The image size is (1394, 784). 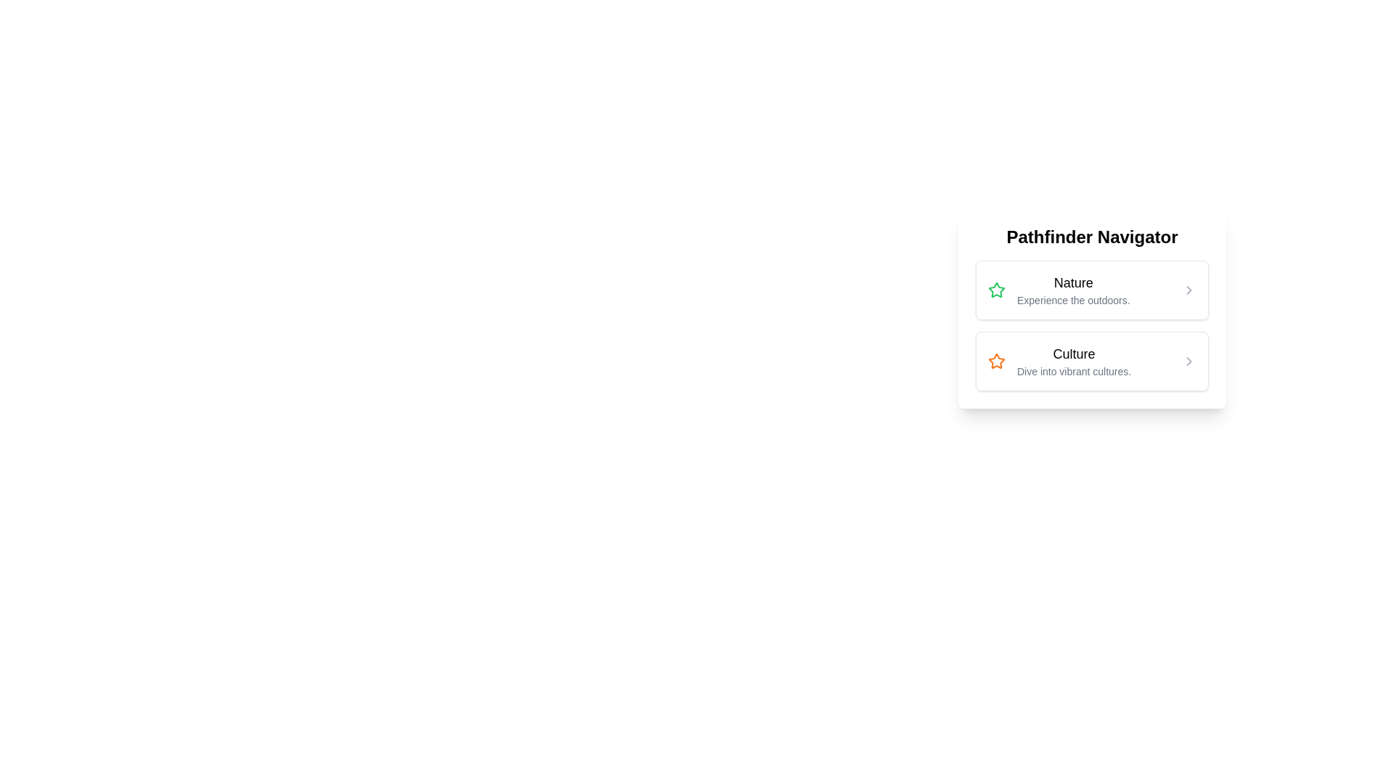 I want to click on the title text of the 'Culture' card in the 'Pathfinder Navigator' section, which serves as the main title for the second card, so click(x=1074, y=354).